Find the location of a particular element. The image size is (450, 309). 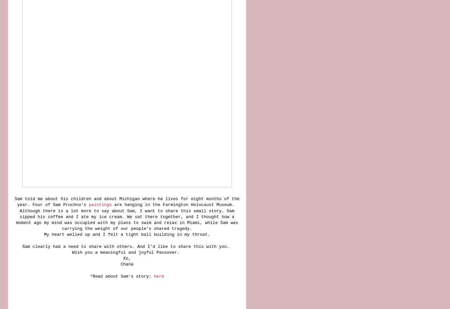

'Farmington' is located at coordinates (162, 204).